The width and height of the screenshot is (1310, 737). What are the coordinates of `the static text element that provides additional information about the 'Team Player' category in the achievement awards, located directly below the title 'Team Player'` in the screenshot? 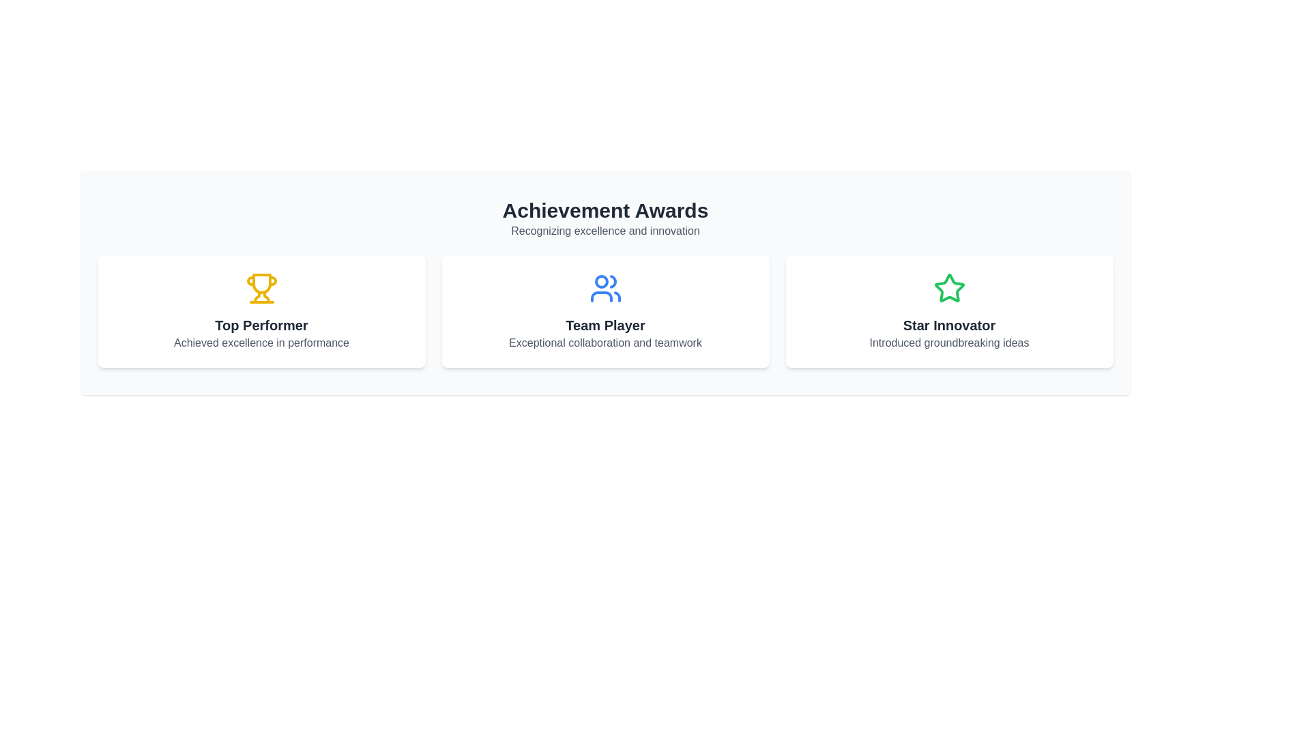 It's located at (605, 342).